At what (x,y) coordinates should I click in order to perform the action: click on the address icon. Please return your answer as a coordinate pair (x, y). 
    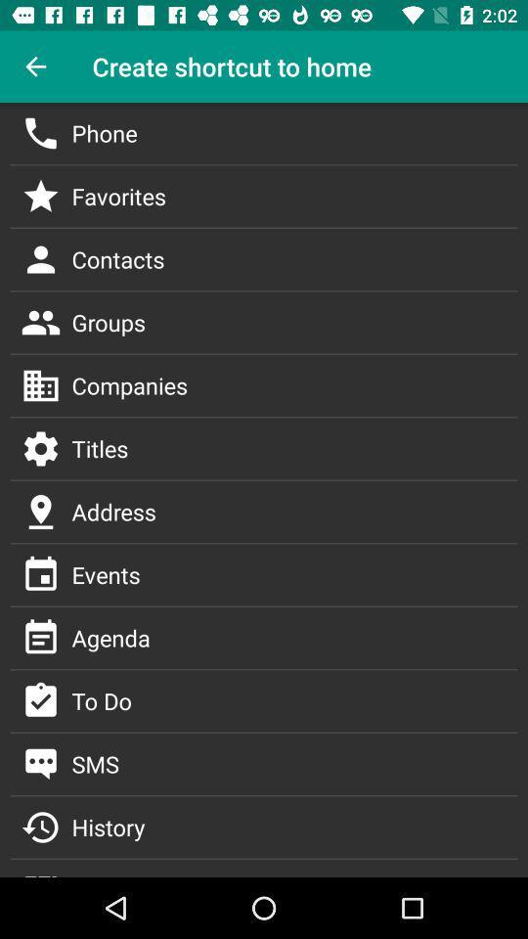
    Looking at the image, I should click on (41, 511).